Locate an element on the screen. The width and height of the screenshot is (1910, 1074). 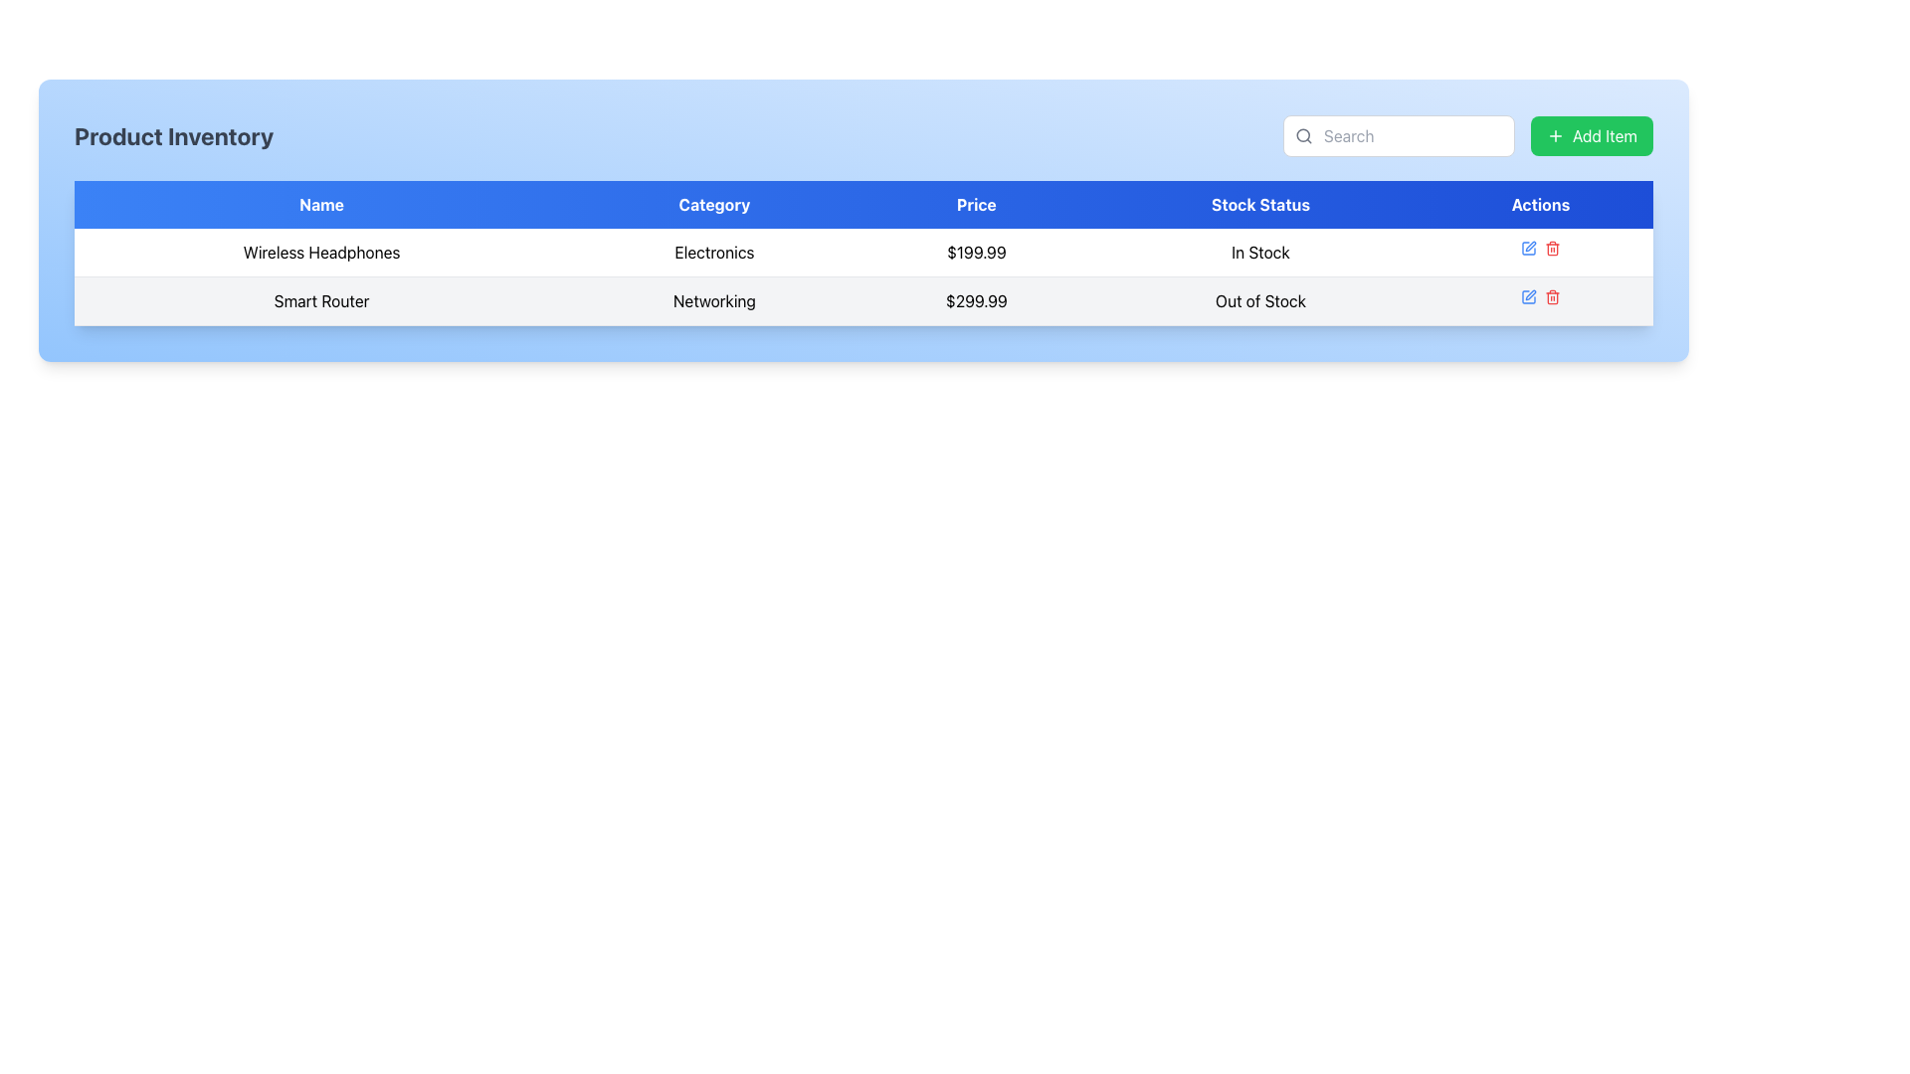
the 'Price' column header, which is the third column header from the left in the table layout, located between 'Category' and 'Stock Status' is located at coordinates (976, 204).